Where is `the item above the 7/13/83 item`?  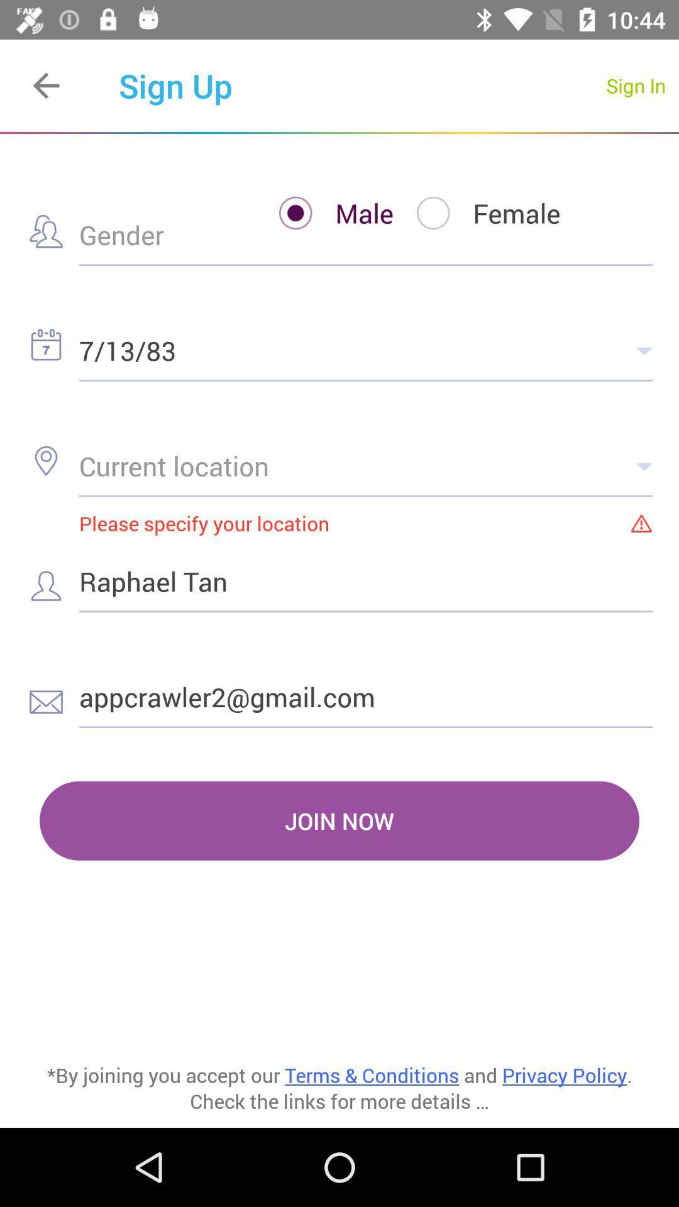
the item above the 7/13/83 item is located at coordinates (324, 213).